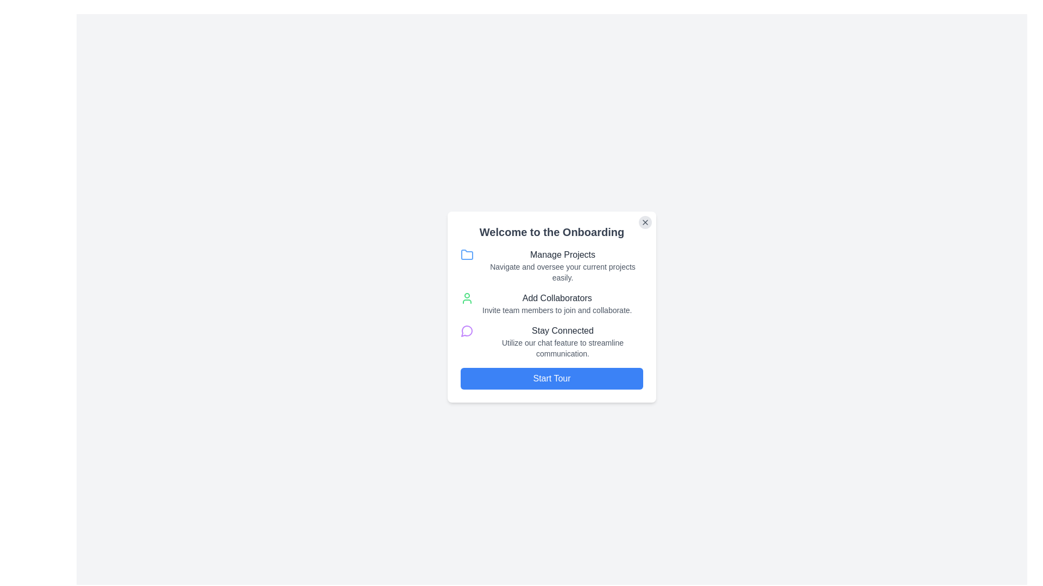 The height and width of the screenshot is (586, 1043). Describe the element at coordinates (552, 303) in the screenshot. I see `the textual informational component that provides an overview of managing projects, adding collaborators, and chat feature, located centrally beneath the 'Welcome to the Onboarding' heading` at that location.